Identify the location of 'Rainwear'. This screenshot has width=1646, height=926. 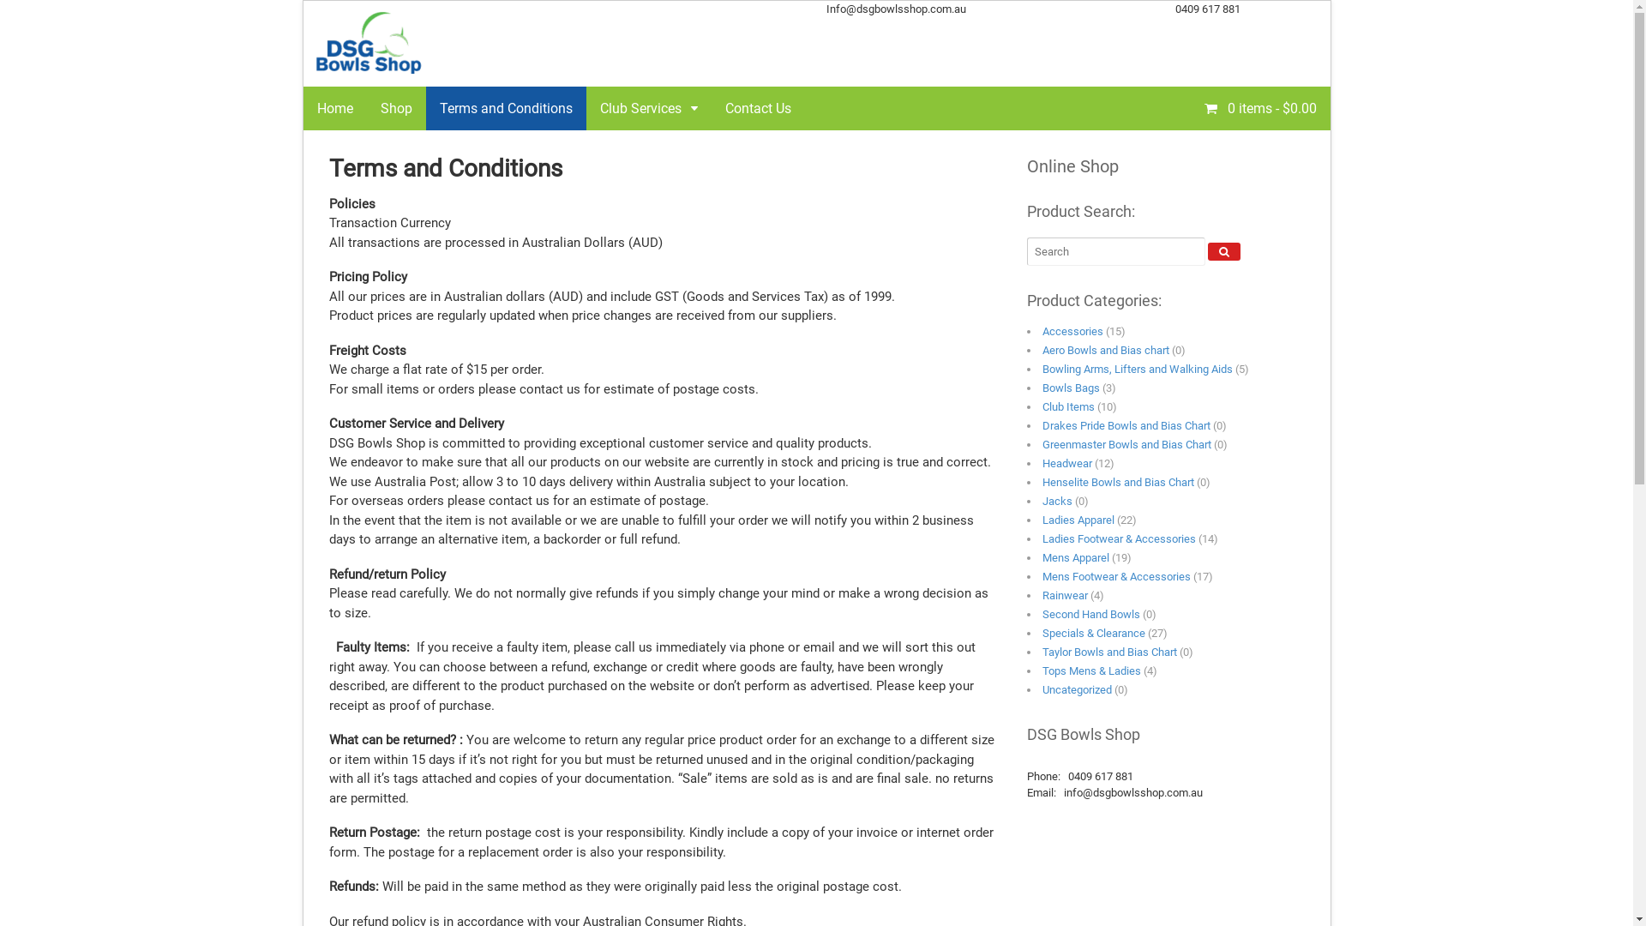
(1041, 594).